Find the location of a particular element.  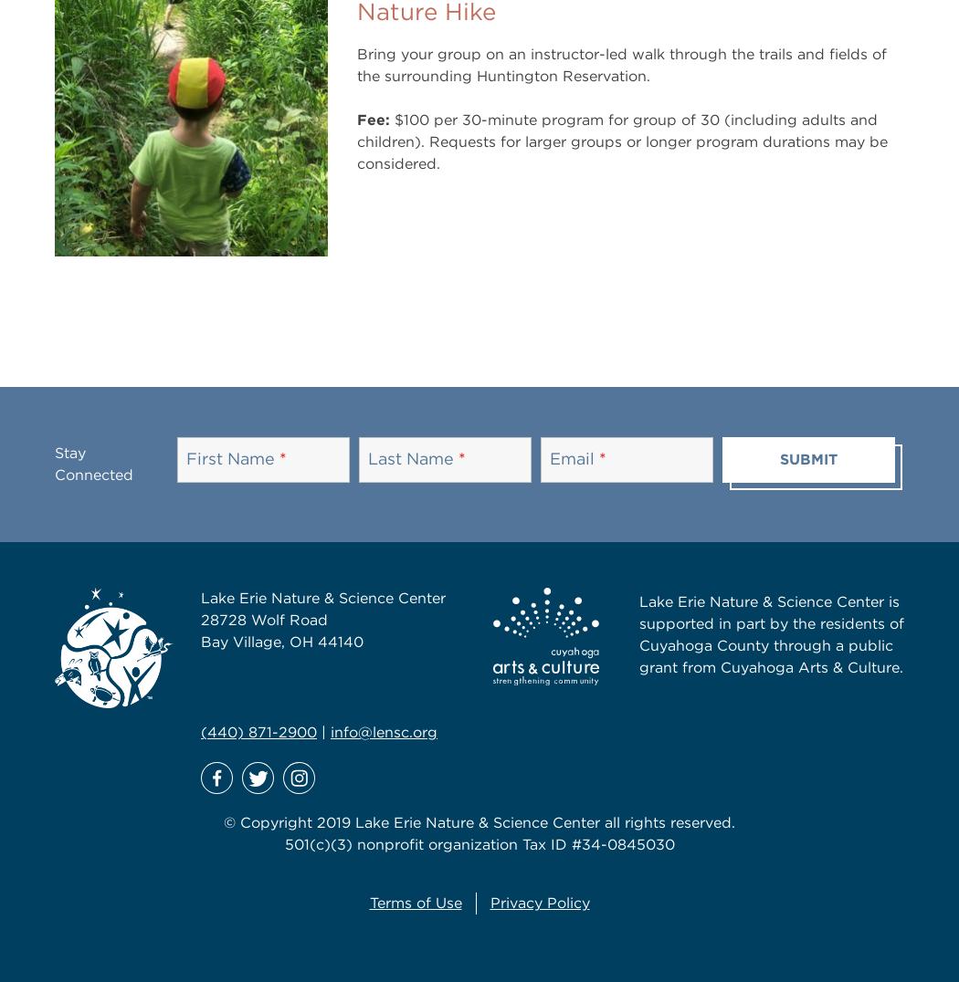

'Fee:' is located at coordinates (375, 119).